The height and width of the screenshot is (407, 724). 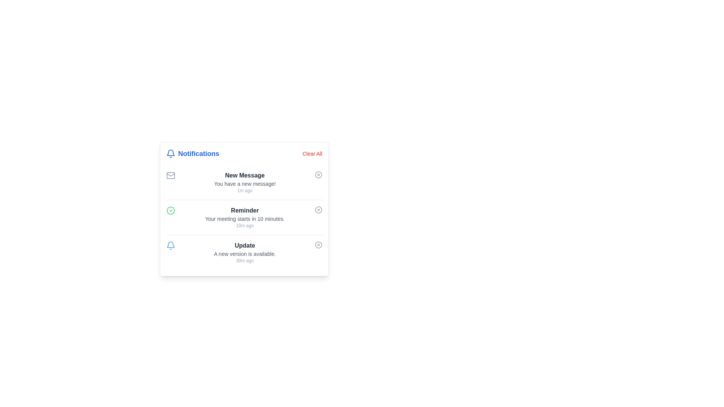 I want to click on the Notification Card displaying a meeting reminder with the title 'Reminder' and text 'Your meeting starts in 10 minutes.', so click(x=244, y=217).